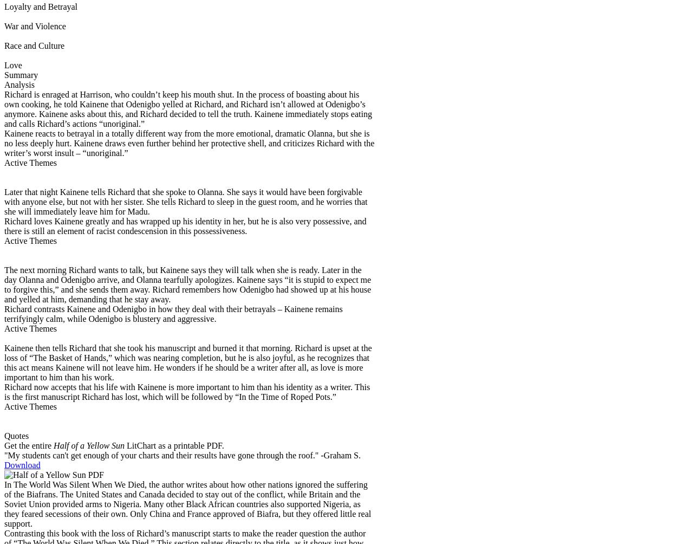 This screenshot has height=544, width=676. I want to click on '"My students can't get enough of your charts and their results have gone through the roof." -Graham S.', so click(182, 455).